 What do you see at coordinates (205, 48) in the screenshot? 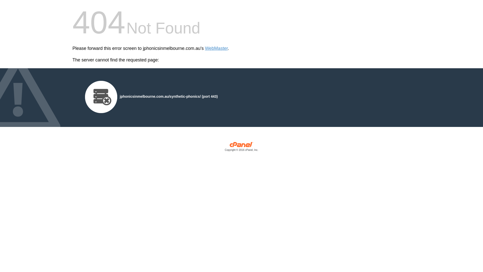
I see `'WebMaster'` at bounding box center [205, 48].